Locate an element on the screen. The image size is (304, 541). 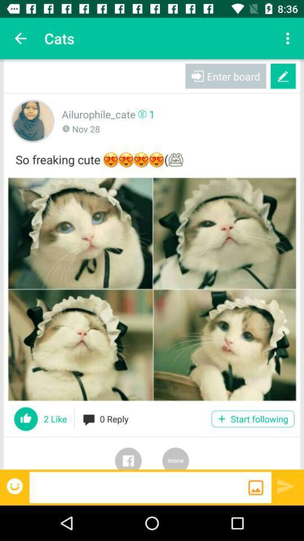
like the post is located at coordinates (26, 418).